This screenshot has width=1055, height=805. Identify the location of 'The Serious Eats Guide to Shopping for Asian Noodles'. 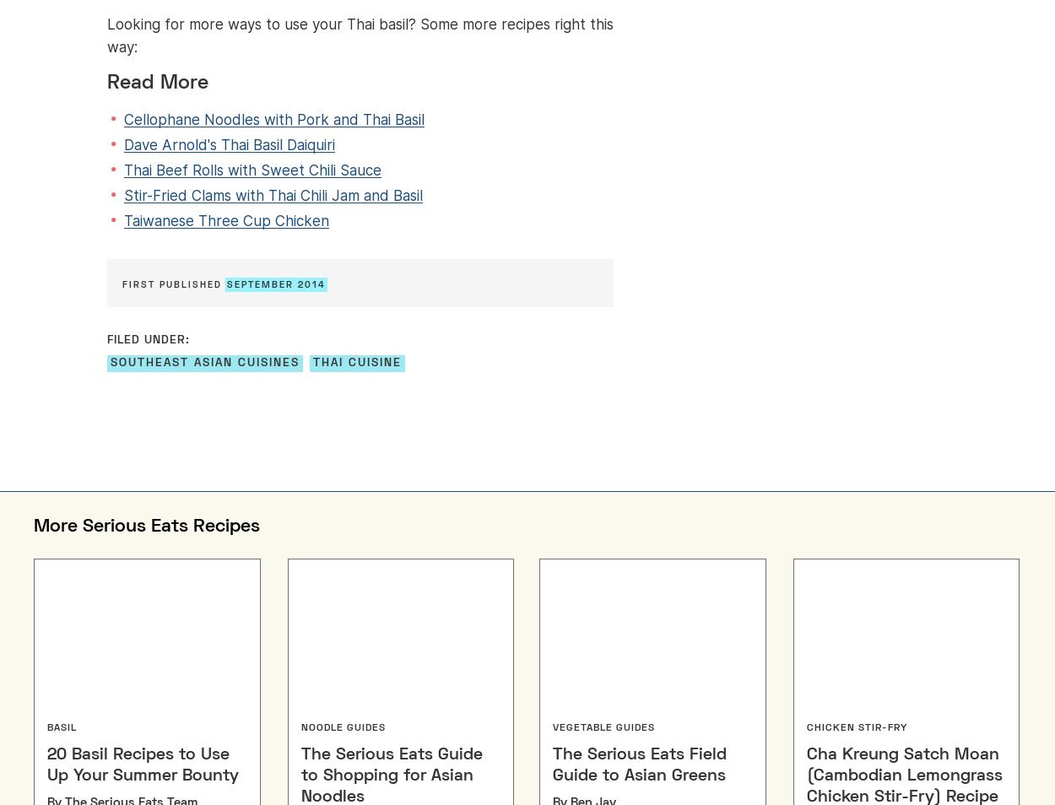
(390, 775).